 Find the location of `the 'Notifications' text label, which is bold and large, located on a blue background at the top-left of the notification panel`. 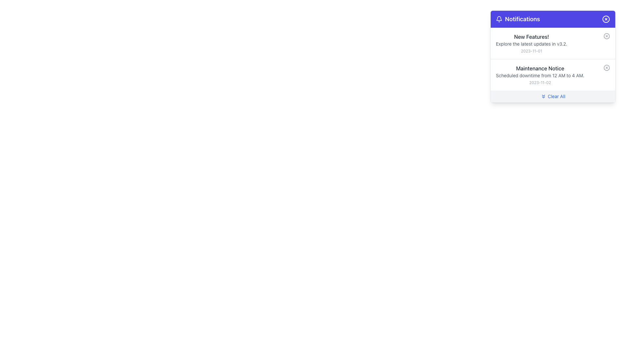

the 'Notifications' text label, which is bold and large, located on a blue background at the top-left of the notification panel is located at coordinates (522, 19).